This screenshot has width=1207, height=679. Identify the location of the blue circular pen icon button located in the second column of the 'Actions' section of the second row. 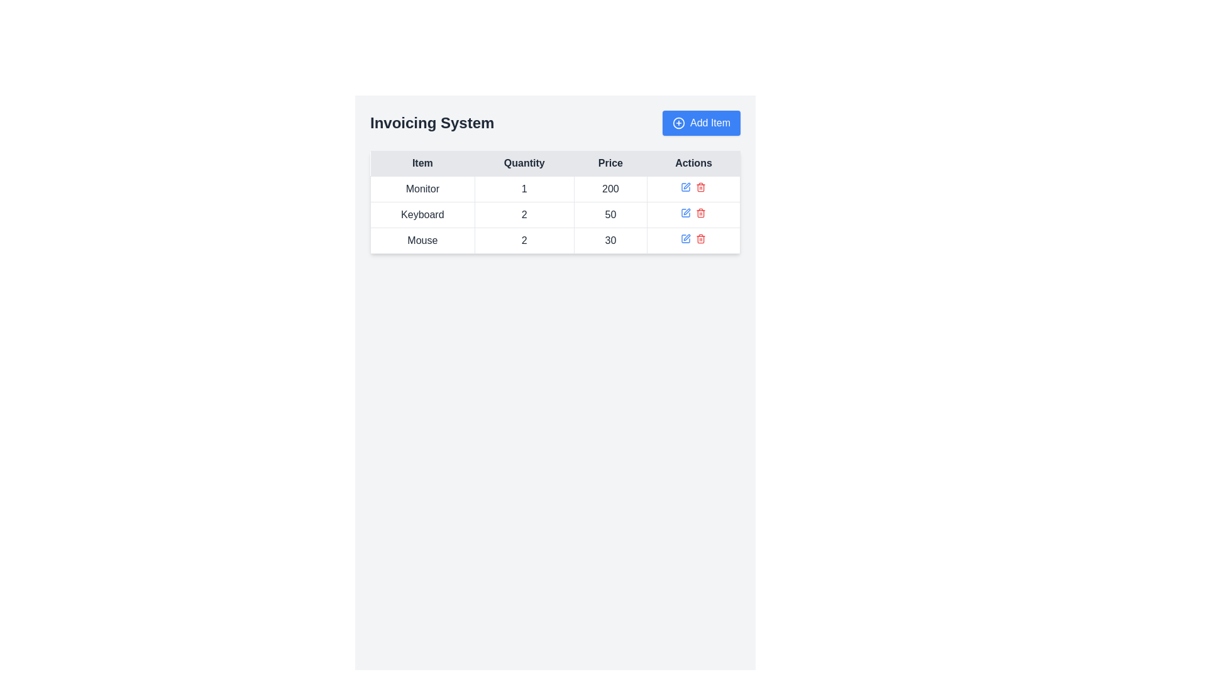
(686, 186).